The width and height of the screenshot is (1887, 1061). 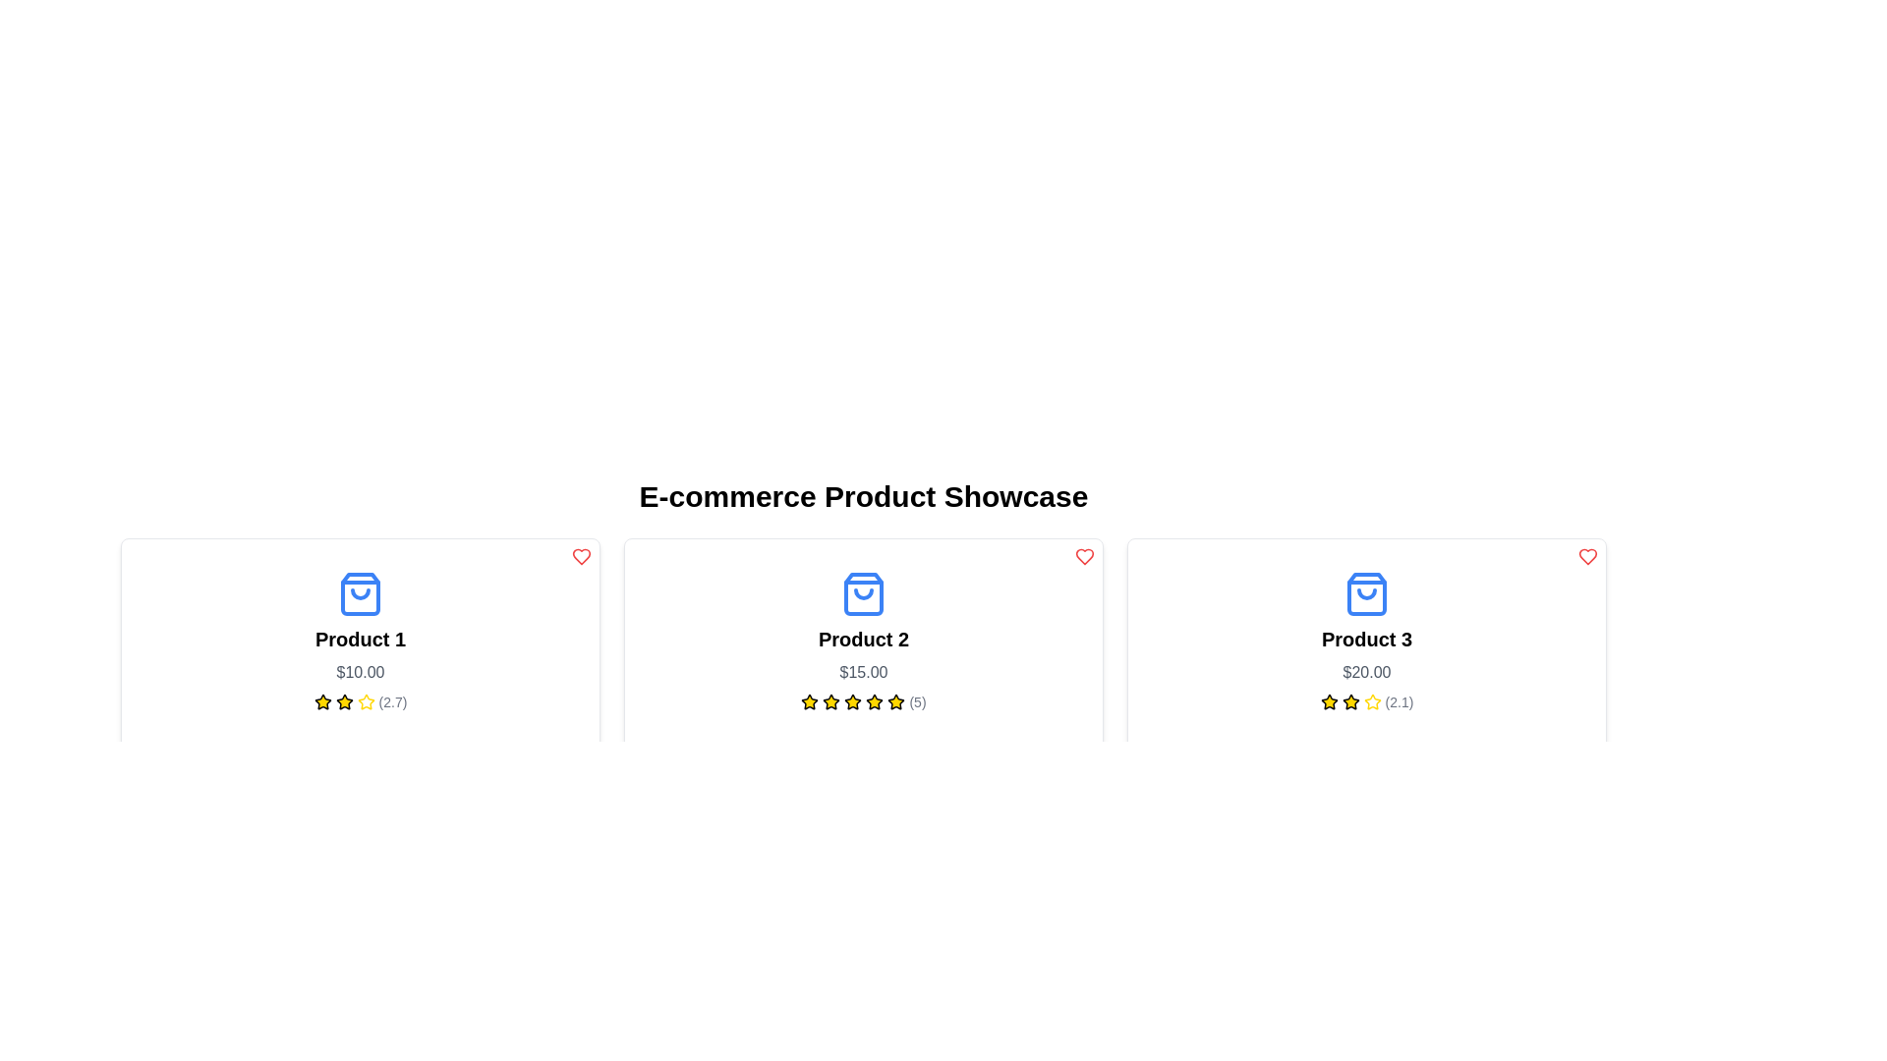 What do you see at coordinates (1371, 700) in the screenshot?
I see `the fifth outlined star icon with a golden stroke in the rating display group below the 'Product 3' label to rate it` at bounding box center [1371, 700].